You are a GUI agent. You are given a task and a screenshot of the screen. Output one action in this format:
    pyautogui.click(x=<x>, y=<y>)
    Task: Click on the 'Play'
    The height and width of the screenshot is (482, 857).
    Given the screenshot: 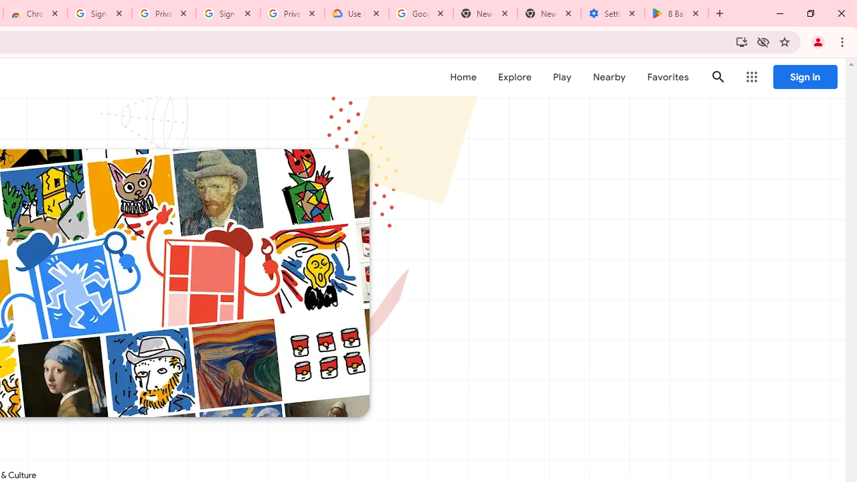 What is the action you would take?
    pyautogui.click(x=562, y=77)
    